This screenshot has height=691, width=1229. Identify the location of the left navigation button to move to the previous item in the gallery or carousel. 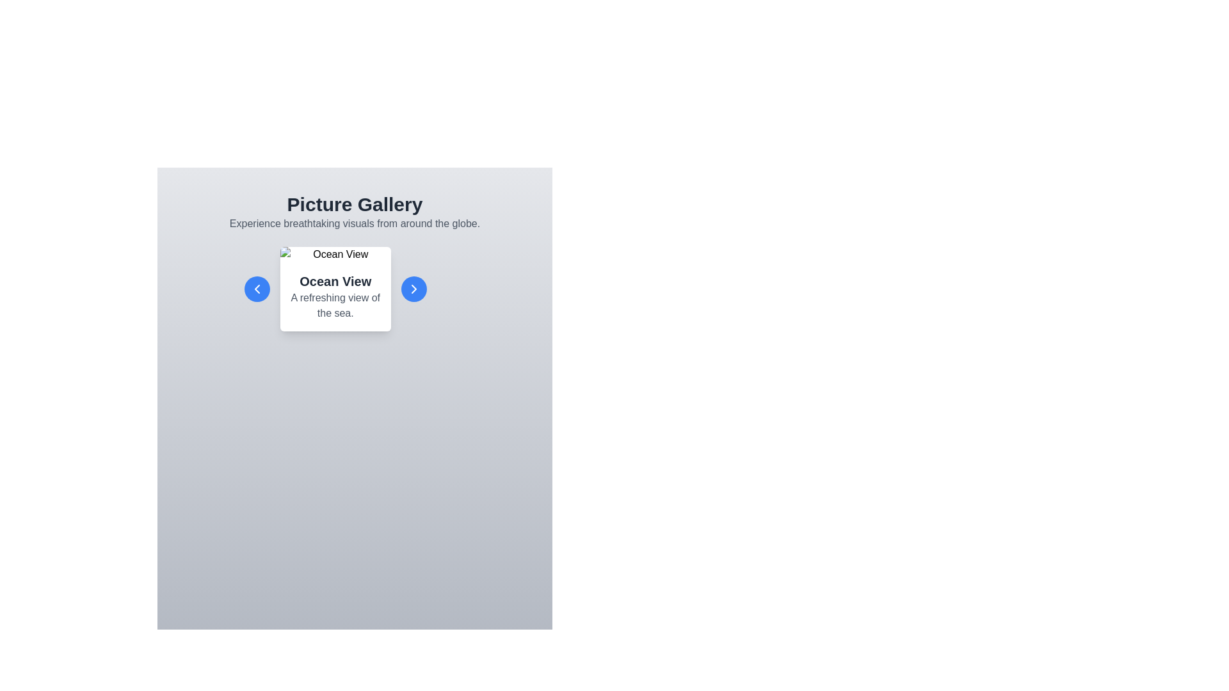
(257, 289).